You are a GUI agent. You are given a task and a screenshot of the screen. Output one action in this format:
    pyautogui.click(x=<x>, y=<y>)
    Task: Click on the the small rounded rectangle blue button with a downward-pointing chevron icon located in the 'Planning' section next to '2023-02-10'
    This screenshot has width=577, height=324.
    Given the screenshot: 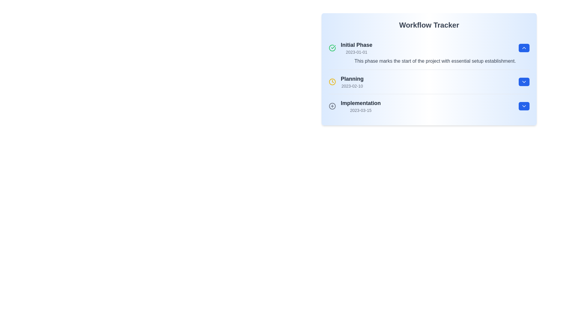 What is the action you would take?
    pyautogui.click(x=524, y=82)
    